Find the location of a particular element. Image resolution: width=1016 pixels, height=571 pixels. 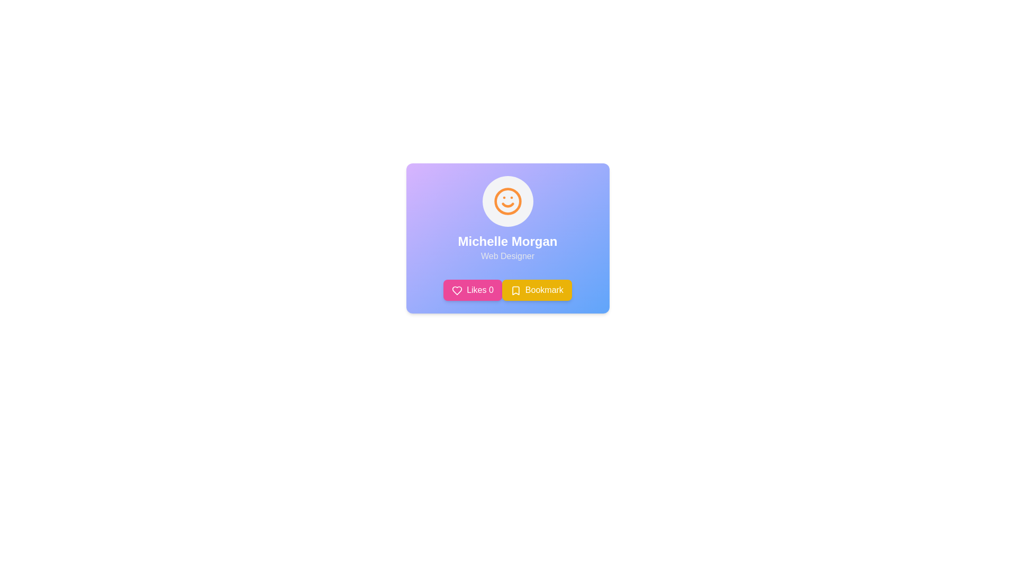

the circular gray graphic element with rounded edges that features a smiling face icon in orange, positioned above the name 'Michelle Morgan' and 'Web Designer' text is located at coordinates (507, 201).